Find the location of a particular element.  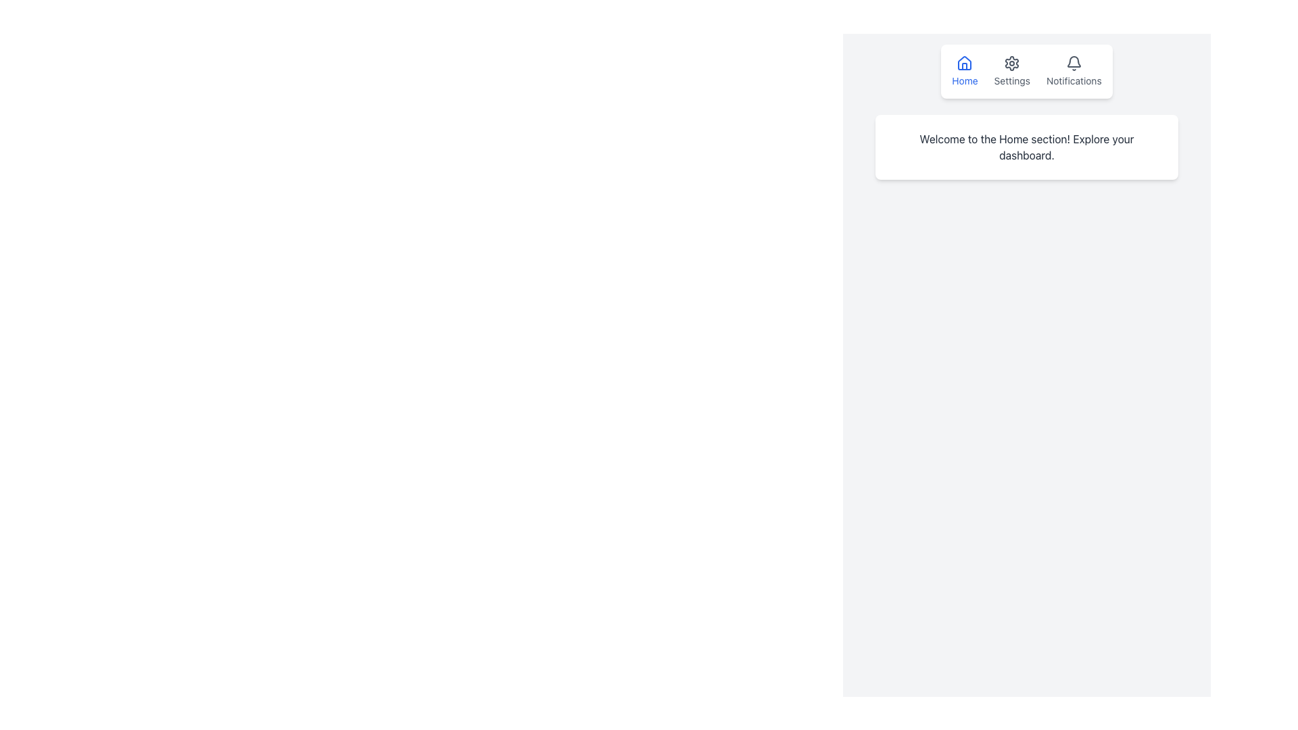

the blue house icon representing the 'Home' section of the application to get focus is located at coordinates (964, 63).